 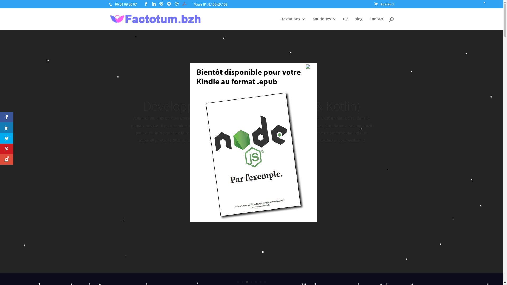 What do you see at coordinates (324, 23) in the screenshot?
I see `'Boutiques'` at bounding box center [324, 23].